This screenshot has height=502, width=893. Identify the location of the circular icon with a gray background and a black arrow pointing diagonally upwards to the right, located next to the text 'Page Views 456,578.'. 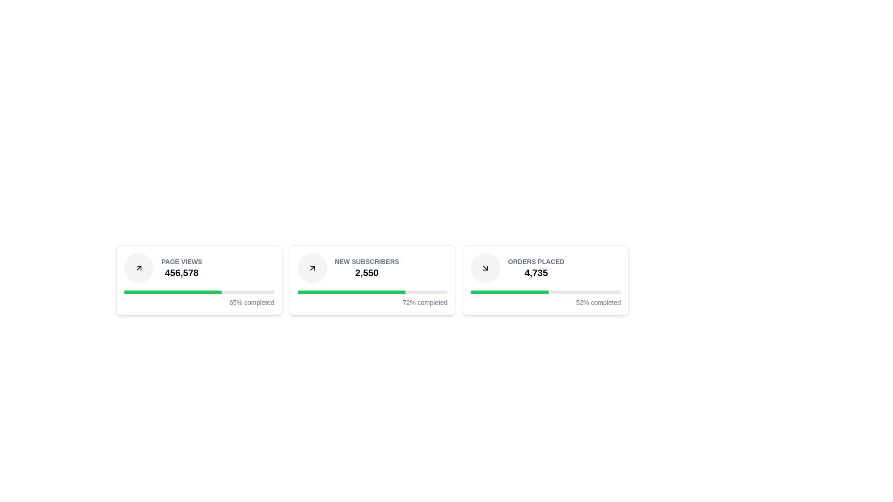
(138, 268).